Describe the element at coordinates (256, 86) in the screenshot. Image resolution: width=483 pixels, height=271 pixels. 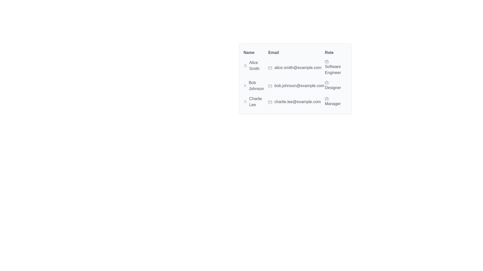
I see `the text label displaying the name 'Bob Johnson' in the second row of the user identification table` at that location.